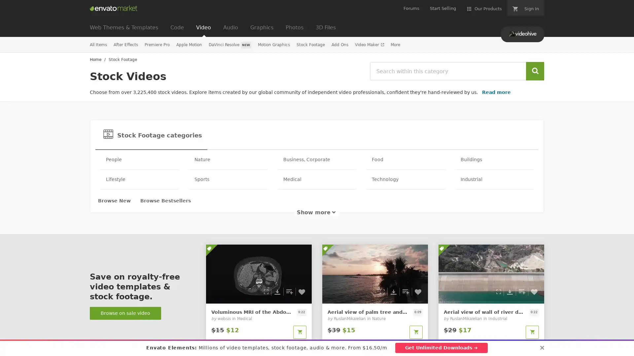 The height and width of the screenshot is (356, 634). Describe the element at coordinates (491, 274) in the screenshot. I see `0 Download preview Add to collection Add to Favorites` at that location.